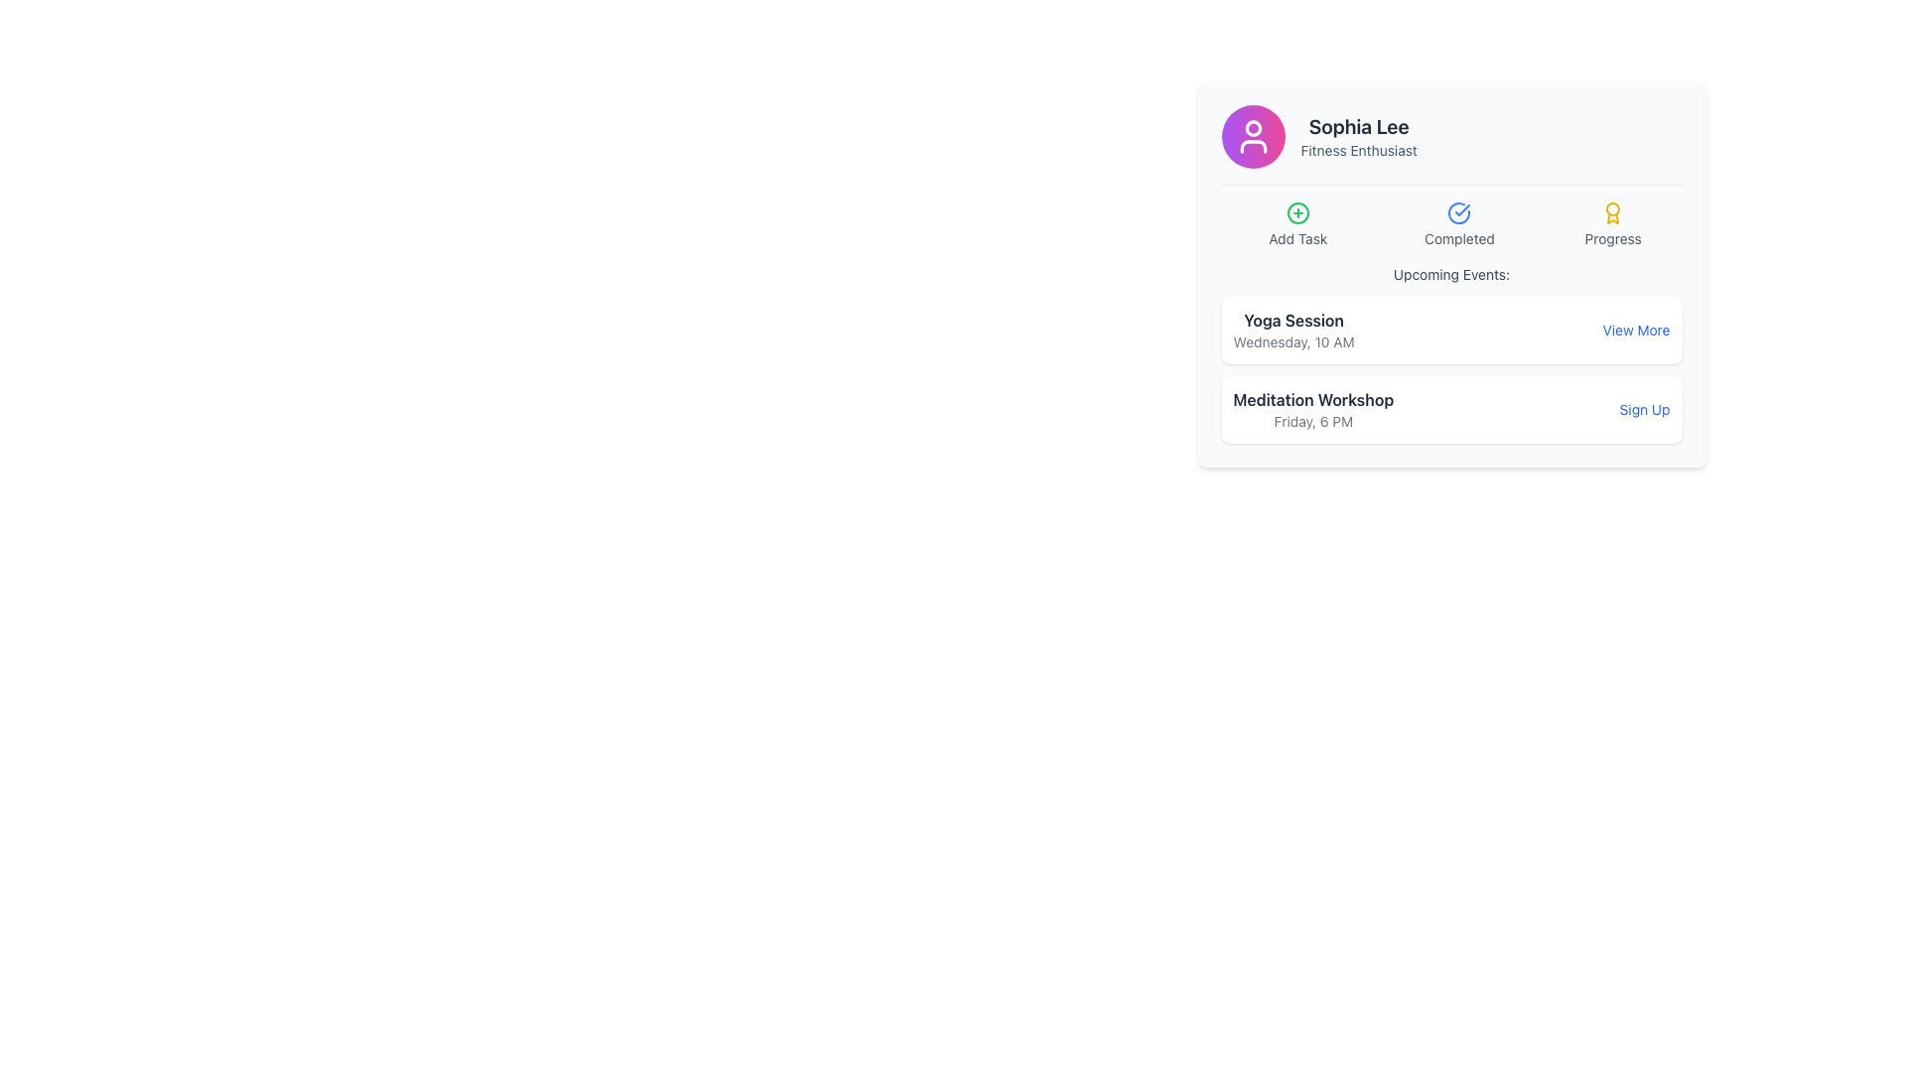 The width and height of the screenshot is (1906, 1072). I want to click on the circular blue icon with a checkmark that displays 'Completed' below it, located centrally between the 'Add Task' and 'Progress' elements, so click(1459, 224).